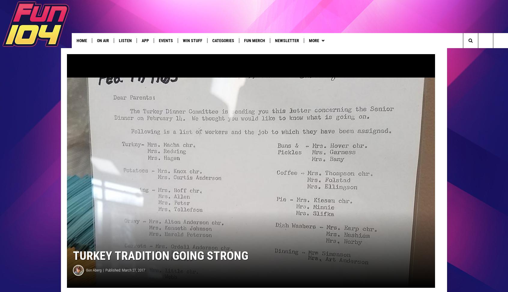  What do you see at coordinates (197, 53) in the screenshot?
I see `'In Case You Missed It'` at bounding box center [197, 53].